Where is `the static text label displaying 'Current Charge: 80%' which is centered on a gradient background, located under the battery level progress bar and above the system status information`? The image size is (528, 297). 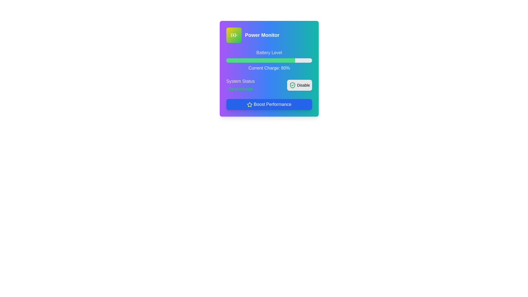 the static text label displaying 'Current Charge: 80%' which is centered on a gradient background, located under the battery level progress bar and above the system status information is located at coordinates (269, 68).